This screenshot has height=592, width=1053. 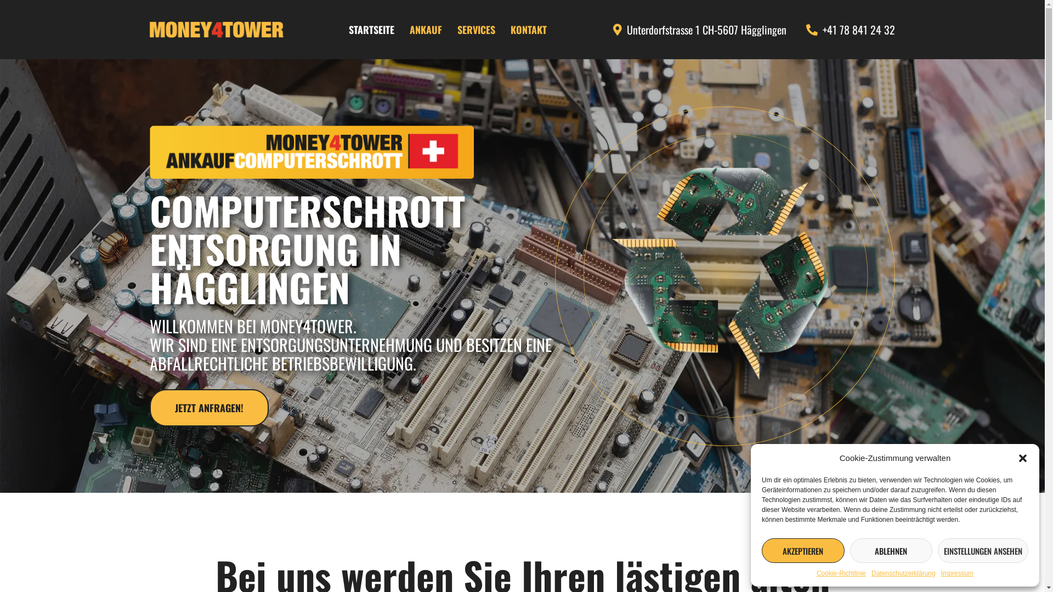 I want to click on 'Cookie-Richtlinie', so click(x=841, y=572).